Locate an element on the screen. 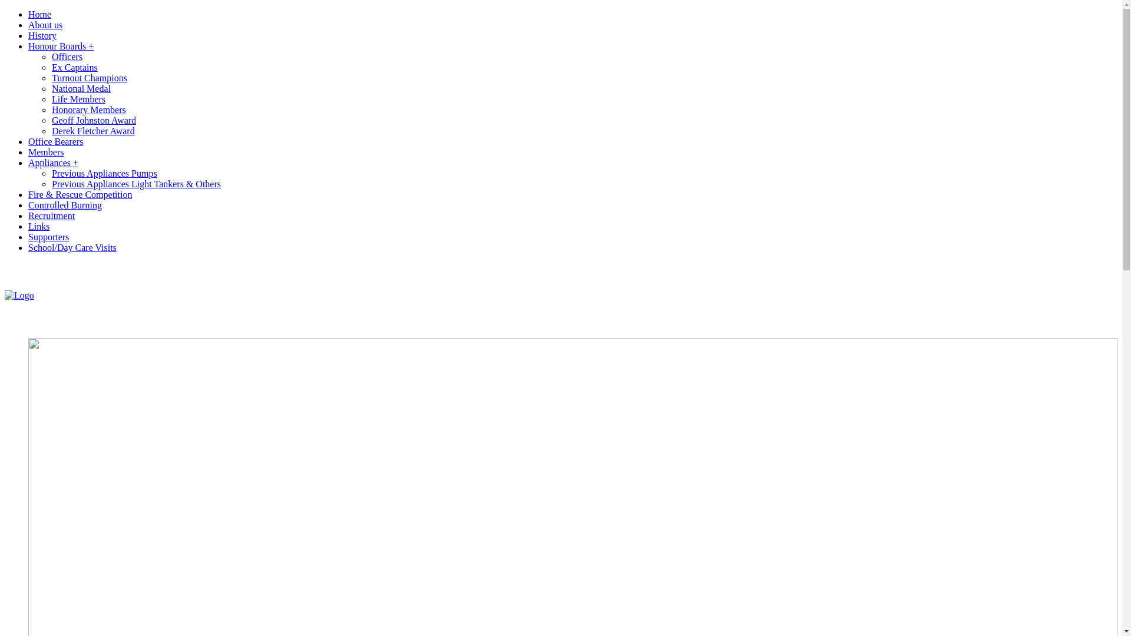 Image resolution: width=1131 pixels, height=636 pixels. 'Office Bearers' is located at coordinates (55, 141).